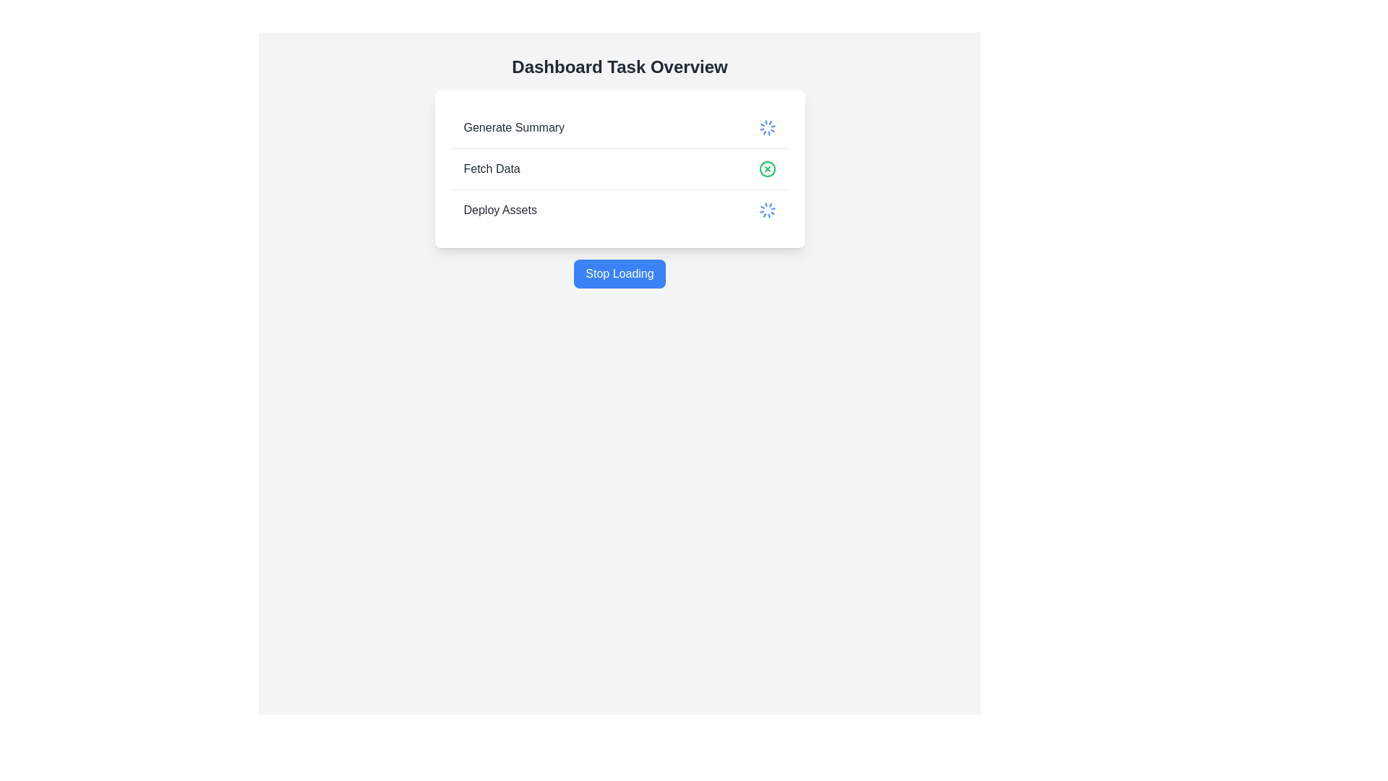  I want to click on the blue Loader animation icon located to the right of the 'Generate Summary' text in the task status list, so click(766, 127).